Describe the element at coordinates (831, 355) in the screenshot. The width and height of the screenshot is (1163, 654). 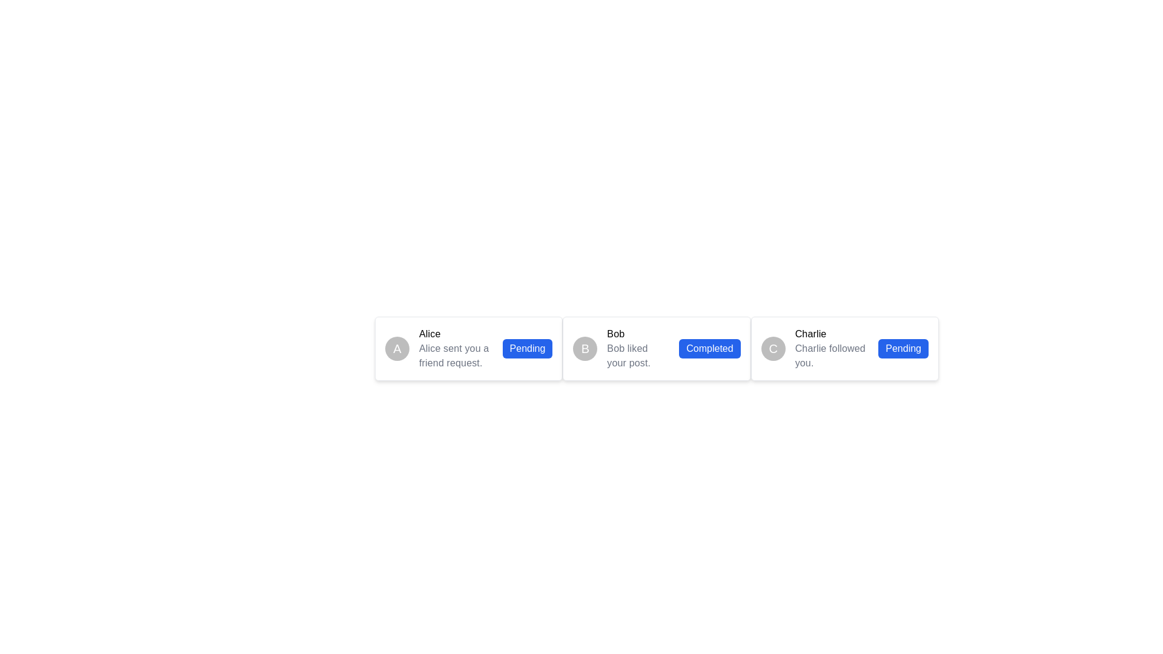
I see `the static text label displaying 'Charlie followed you.' located in the third user notification card` at that location.